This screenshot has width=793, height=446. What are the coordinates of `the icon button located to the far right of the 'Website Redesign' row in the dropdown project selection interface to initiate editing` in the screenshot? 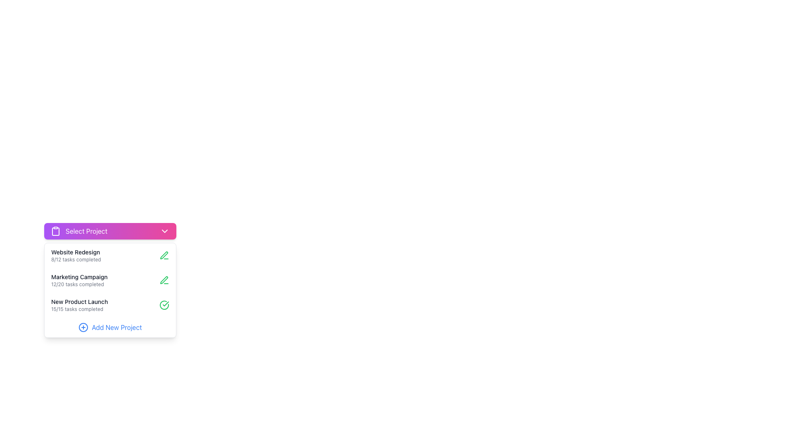 It's located at (164, 255).